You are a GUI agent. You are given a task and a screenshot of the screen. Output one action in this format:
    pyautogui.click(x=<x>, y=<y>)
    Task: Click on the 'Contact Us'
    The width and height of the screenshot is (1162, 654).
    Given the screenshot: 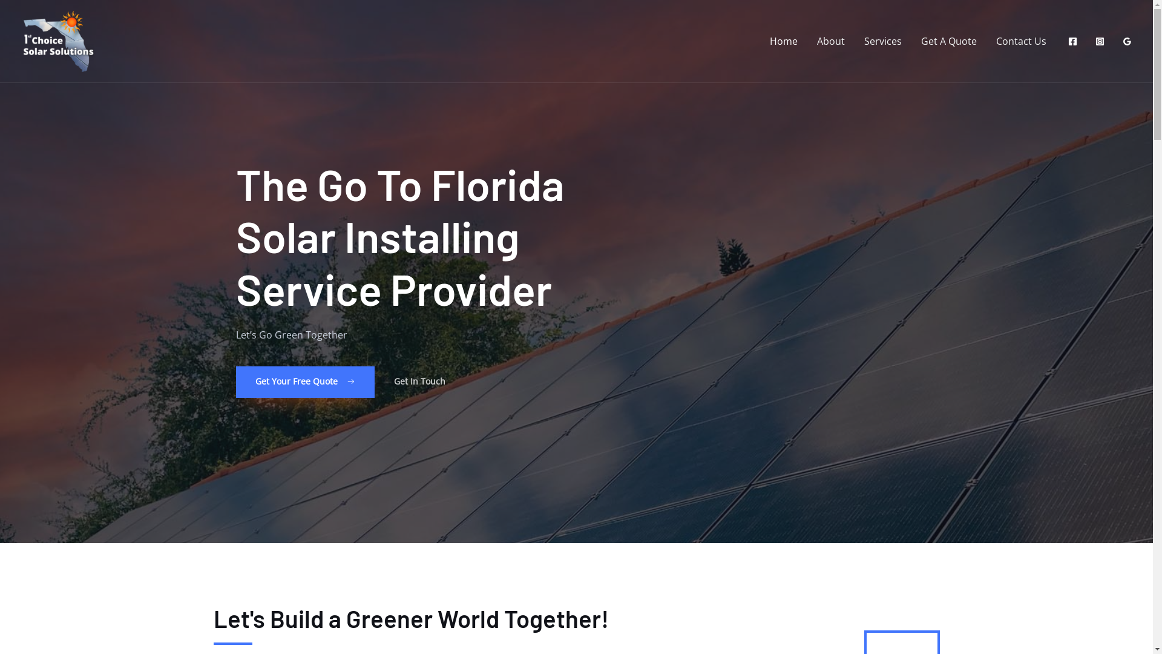 What is the action you would take?
    pyautogui.click(x=1020, y=41)
    